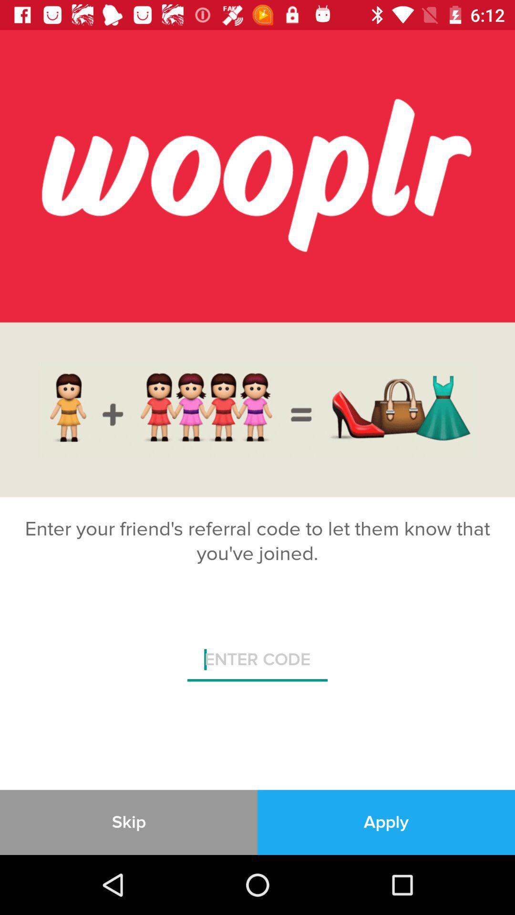 This screenshot has height=915, width=515. What do you see at coordinates (386, 822) in the screenshot?
I see `the item at the bottom right corner` at bounding box center [386, 822].